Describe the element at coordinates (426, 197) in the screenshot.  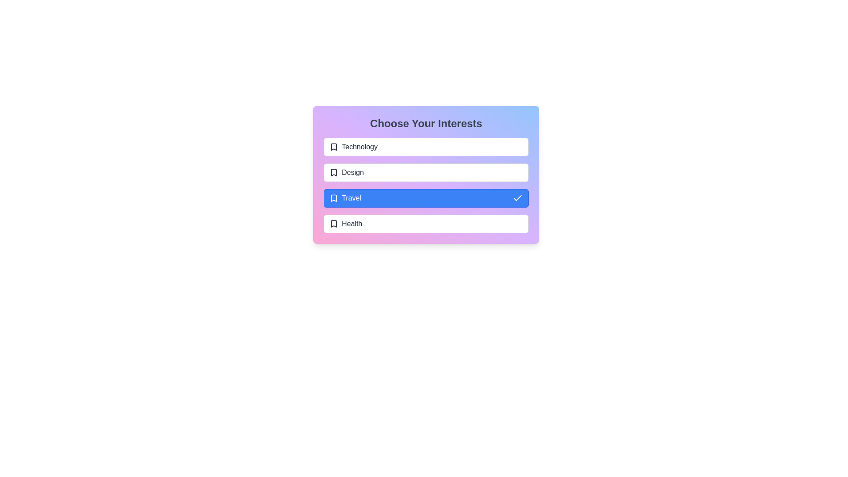
I see `the interest labeled Travel` at that location.